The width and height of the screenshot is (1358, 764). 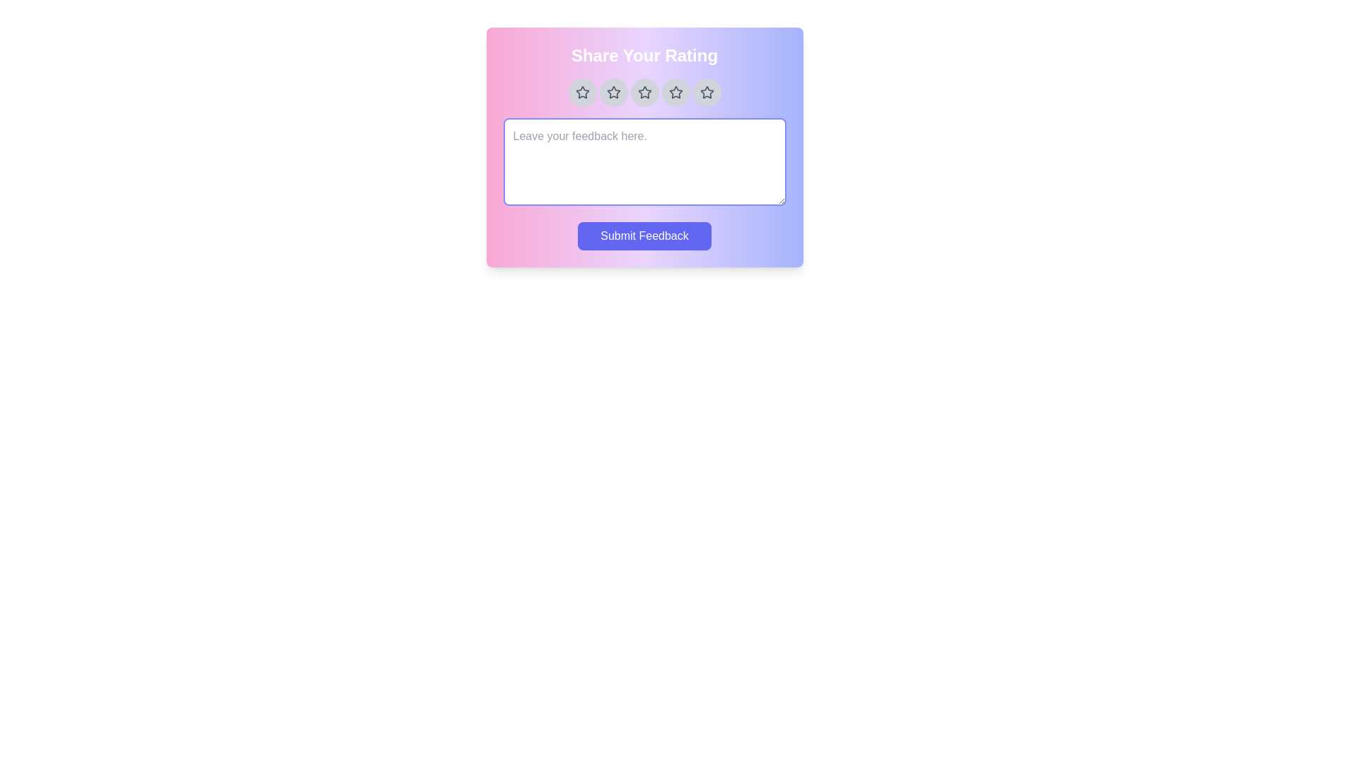 I want to click on the star corresponding to the desired rating 3, so click(x=644, y=93).